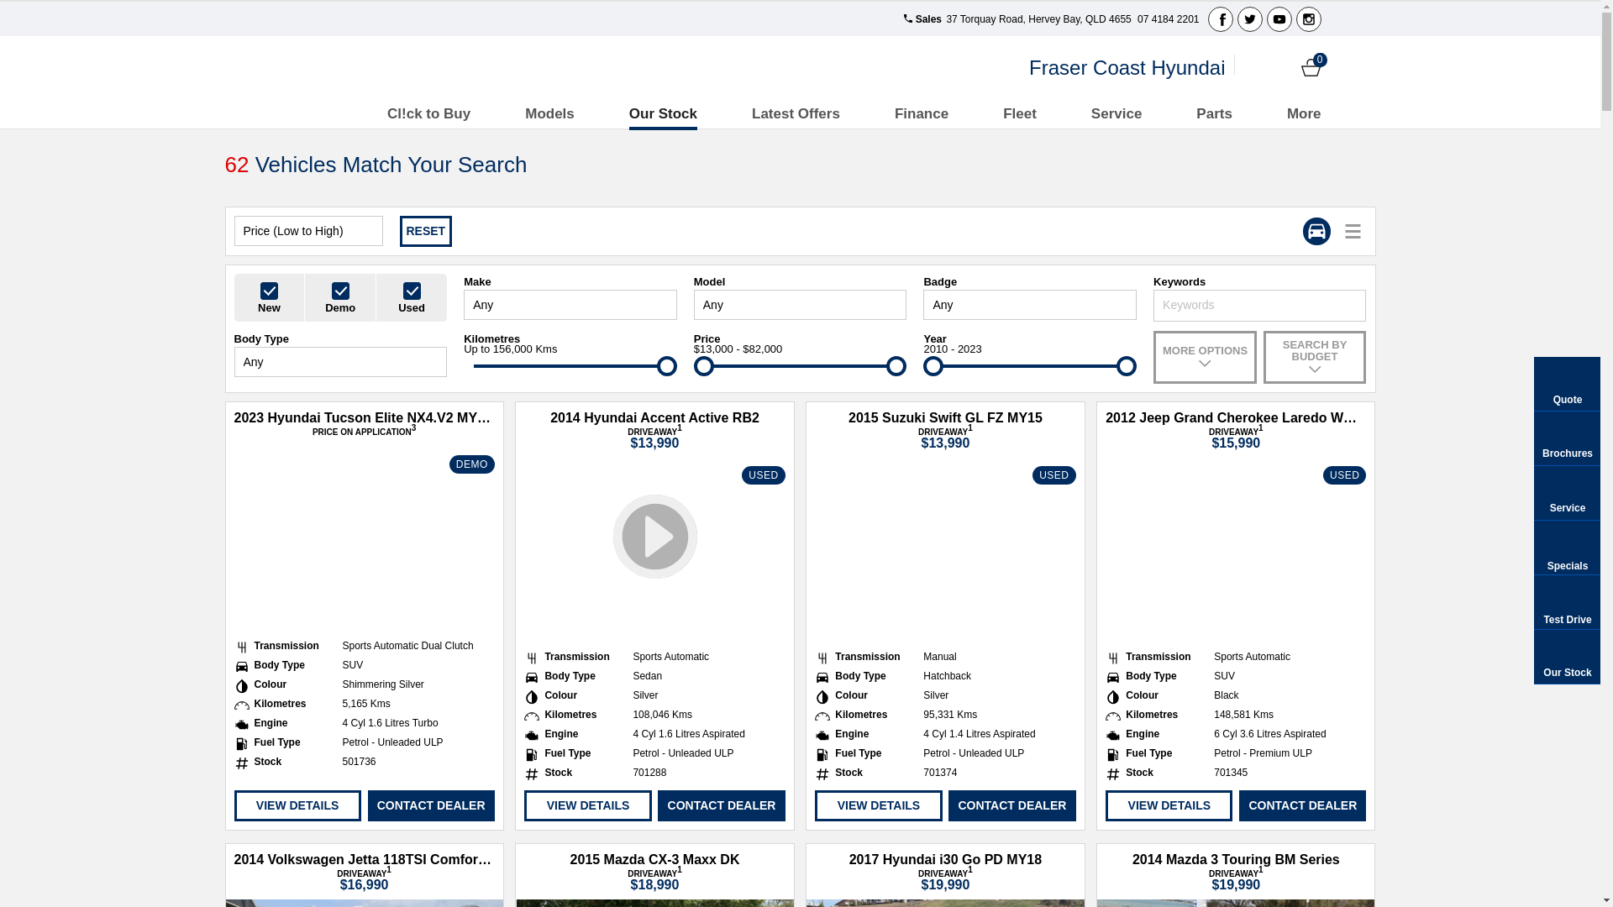 The width and height of the screenshot is (1613, 907). What do you see at coordinates (398, 231) in the screenshot?
I see `'RESET'` at bounding box center [398, 231].